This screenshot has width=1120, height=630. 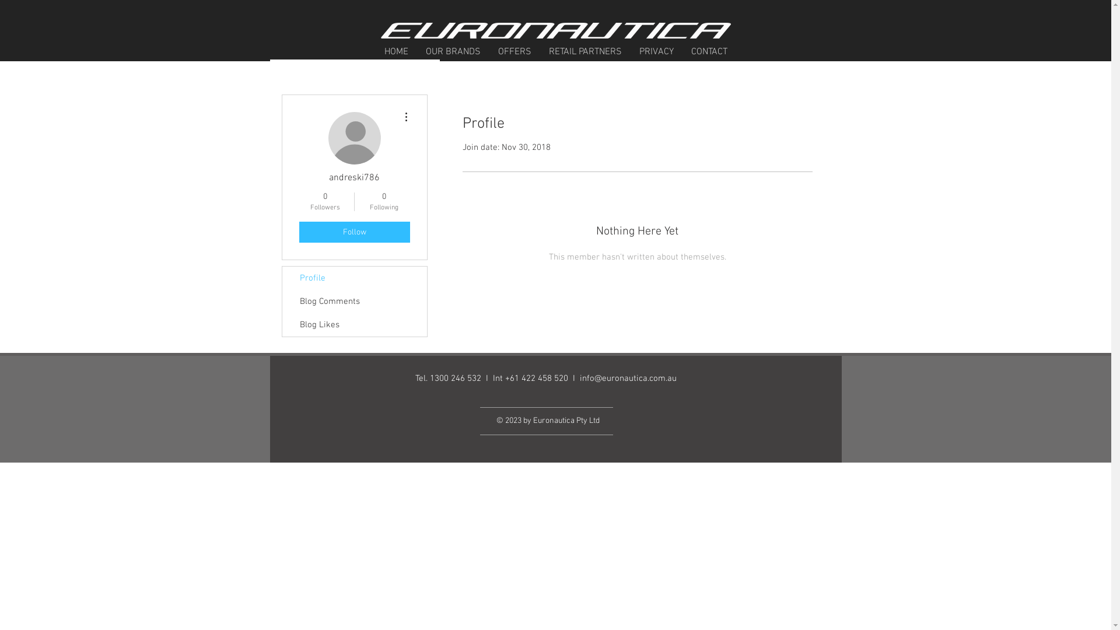 What do you see at coordinates (384, 201) in the screenshot?
I see `'0` at bounding box center [384, 201].